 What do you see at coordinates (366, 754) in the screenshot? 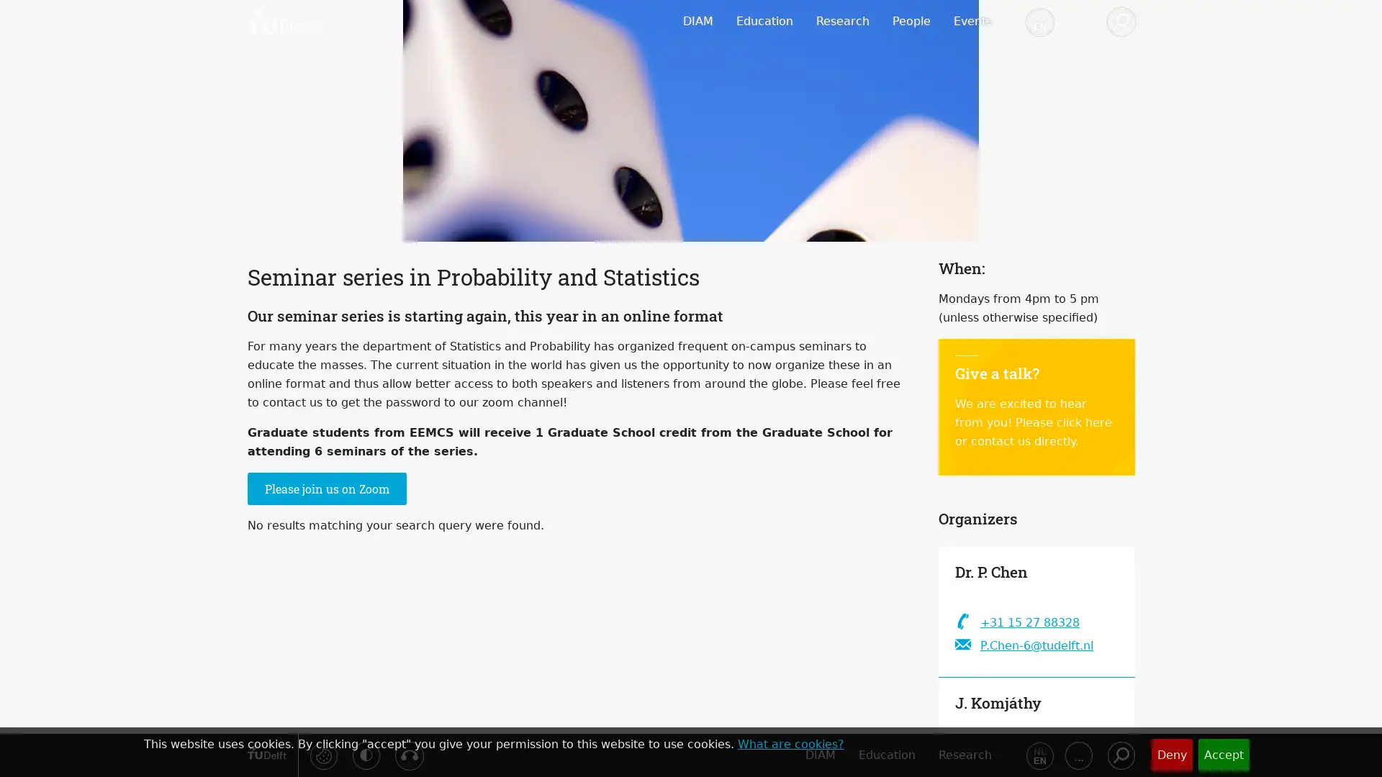
I see `Activate high contrast` at bounding box center [366, 754].